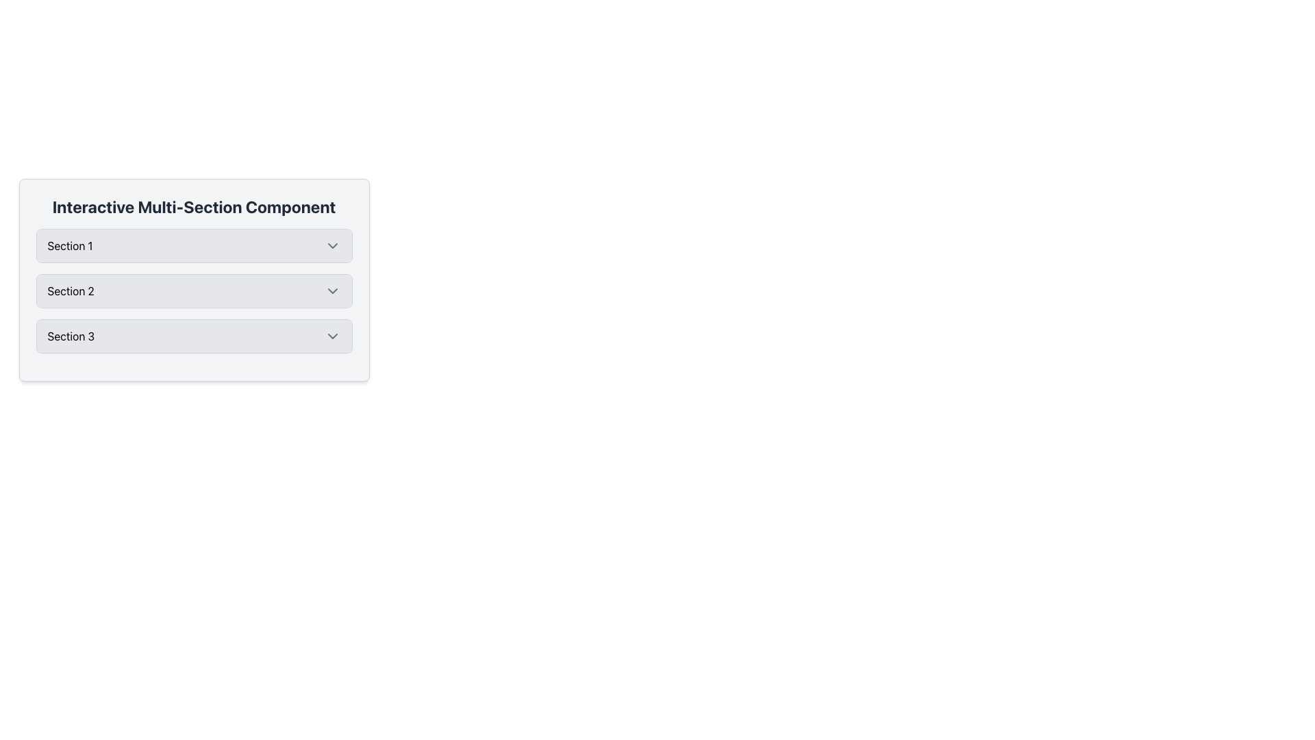 This screenshot has height=740, width=1315. Describe the element at coordinates (332, 290) in the screenshot. I see `the collapsible icon at the right end of 'Section 2'` at that location.